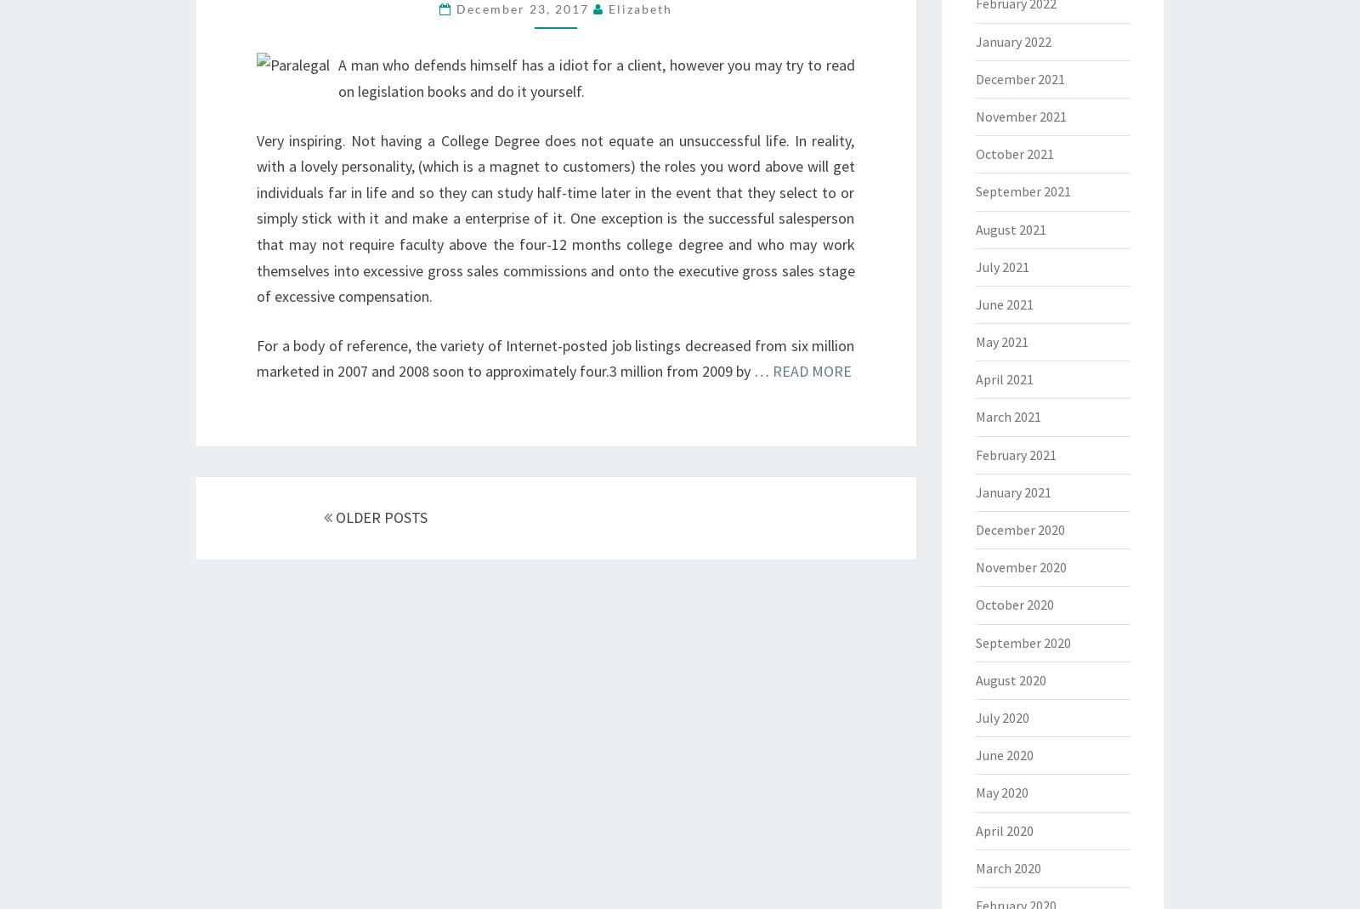 The height and width of the screenshot is (909, 1360). I want to click on 'May 2021', so click(975, 342).